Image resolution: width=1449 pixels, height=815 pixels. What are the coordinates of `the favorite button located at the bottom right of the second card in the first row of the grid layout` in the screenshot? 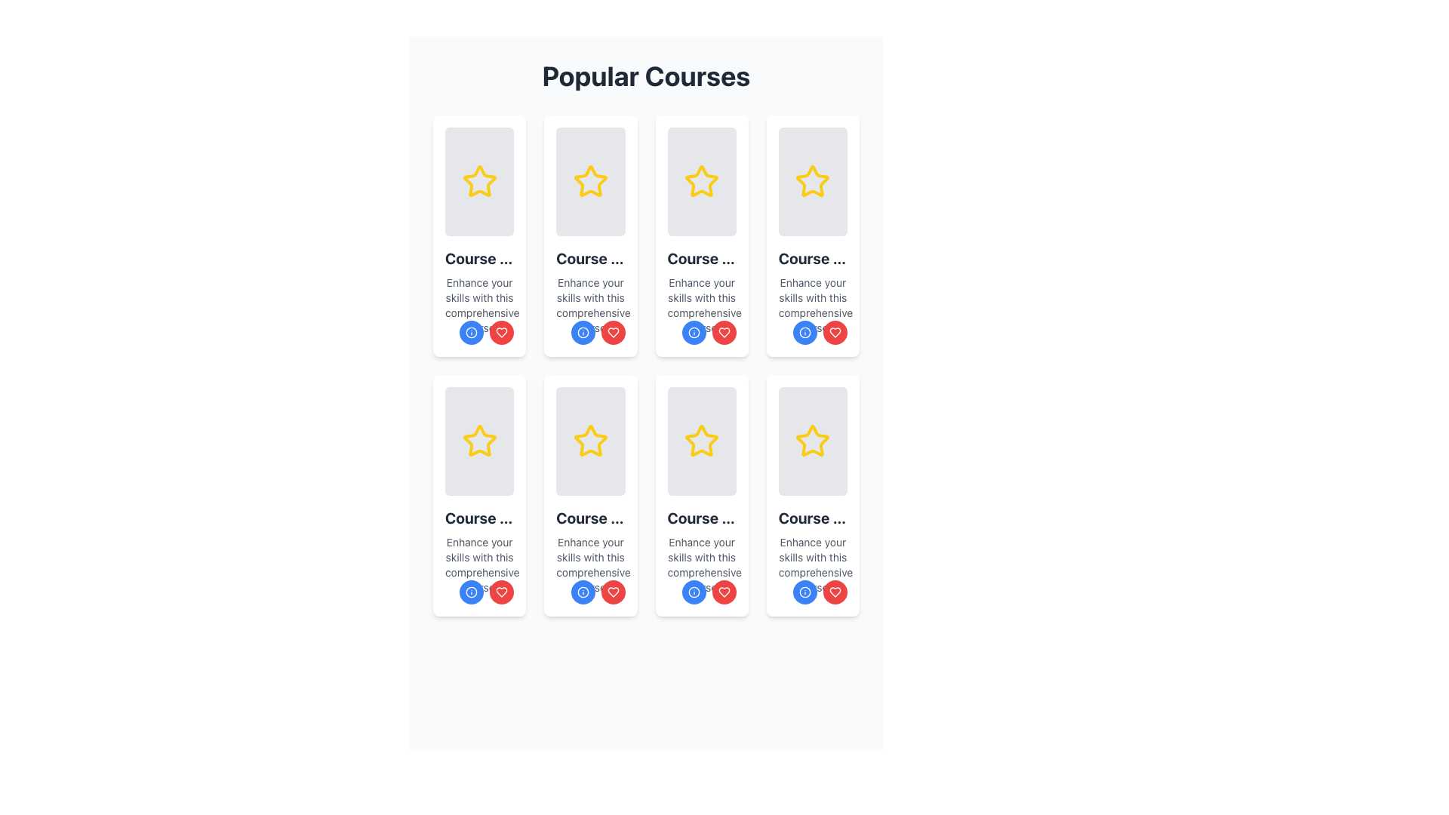 It's located at (613, 331).